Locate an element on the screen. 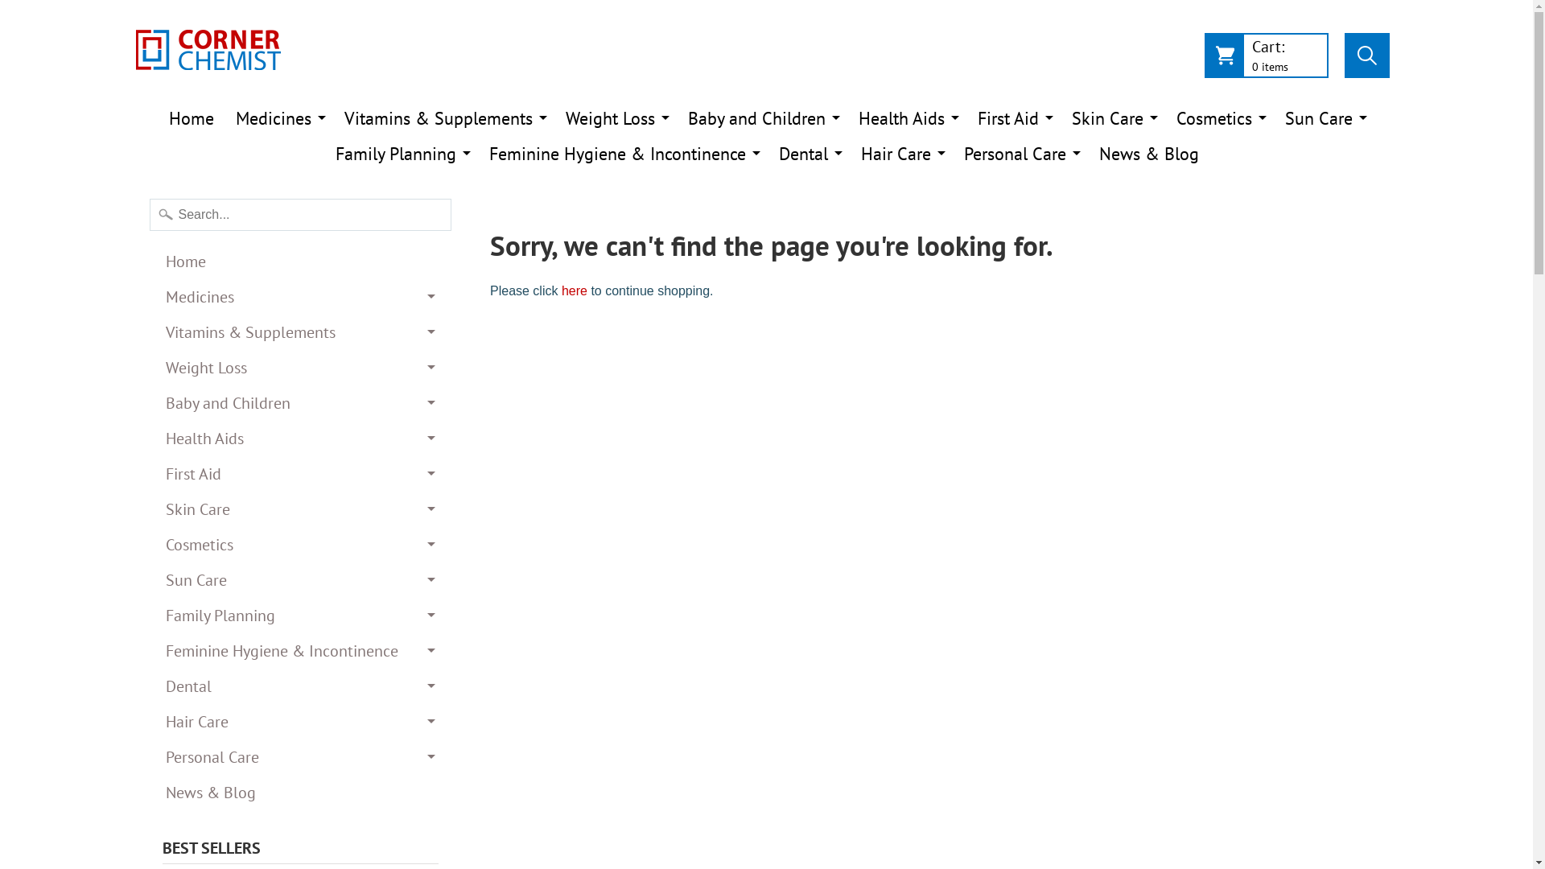 The width and height of the screenshot is (1545, 869). 'Feminine Hygiene & Incontinence' is located at coordinates (301, 650).